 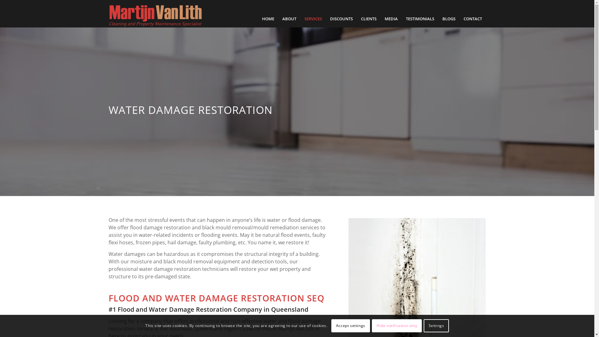 What do you see at coordinates (397, 325) in the screenshot?
I see `'Hide notification only'` at bounding box center [397, 325].